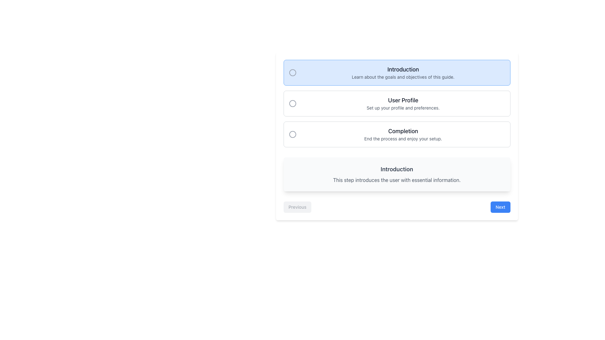 The height and width of the screenshot is (340, 605). Describe the element at coordinates (297, 207) in the screenshot. I see `the gray 'Previous' button with rounded corners located near the bottom-left corner of the UI section, which has muted lighter text in a medium-sized sans-serif font` at that location.